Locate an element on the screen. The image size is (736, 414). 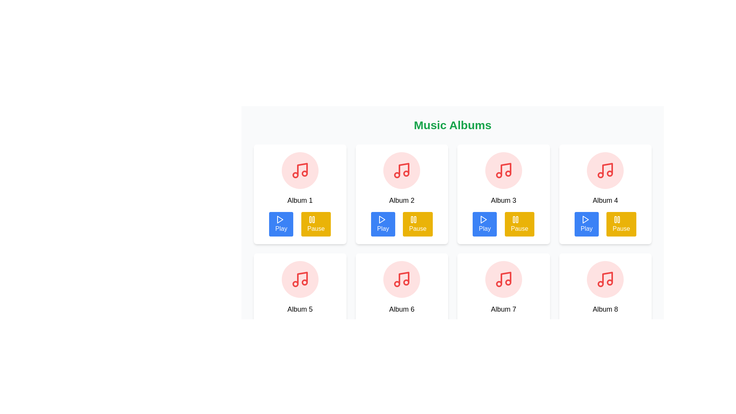
the text label that displays 'Album 3', which is located in the top row, third column of the album cards grid, positioned below the album artwork and above the playback buttons is located at coordinates (503, 200).